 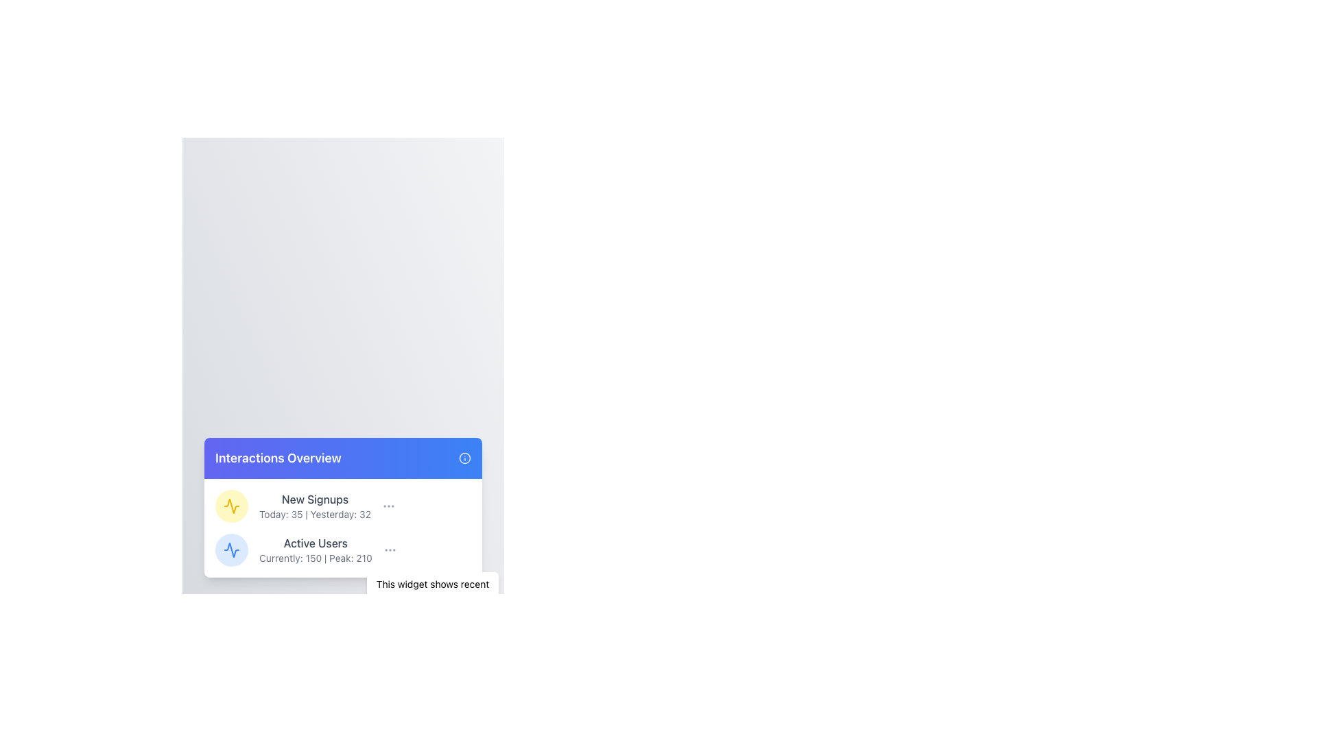 I want to click on the circular vector graphic within the 'info' icon located at the top-right corner of the blue banner titled 'Interactions Overview', so click(x=464, y=458).